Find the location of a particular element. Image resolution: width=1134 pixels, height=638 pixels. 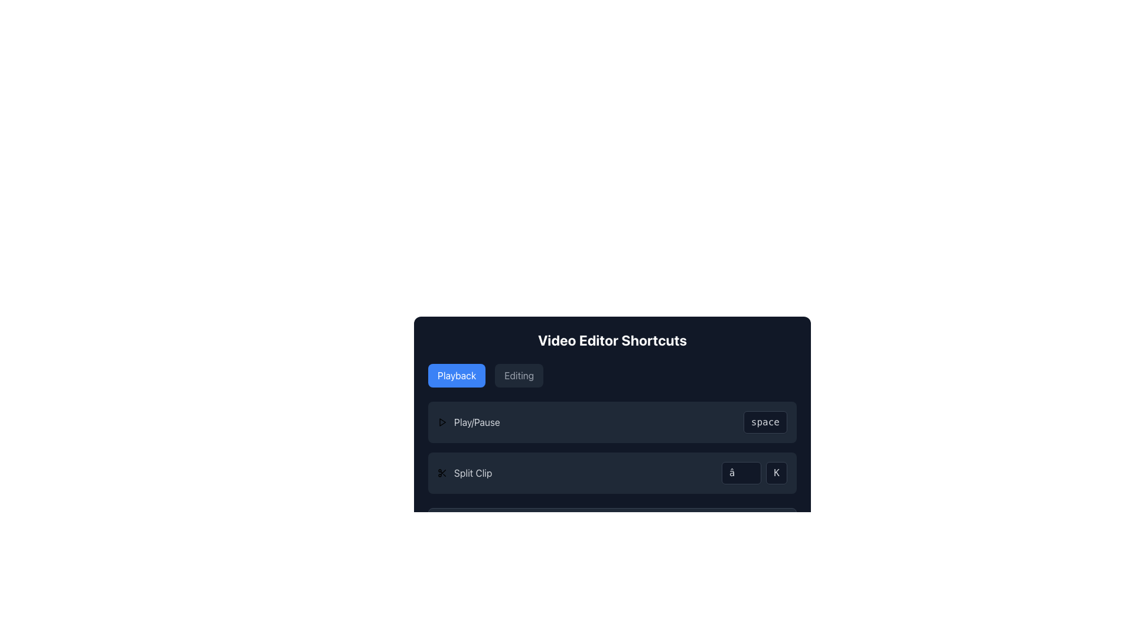

the non-interactive button labeled 'K' which visually represents the keyboard shortcut for splitting a clip in the video editor, located to the right of its sibling in the button group beneath the 'Split Clip' label is located at coordinates (777, 473).